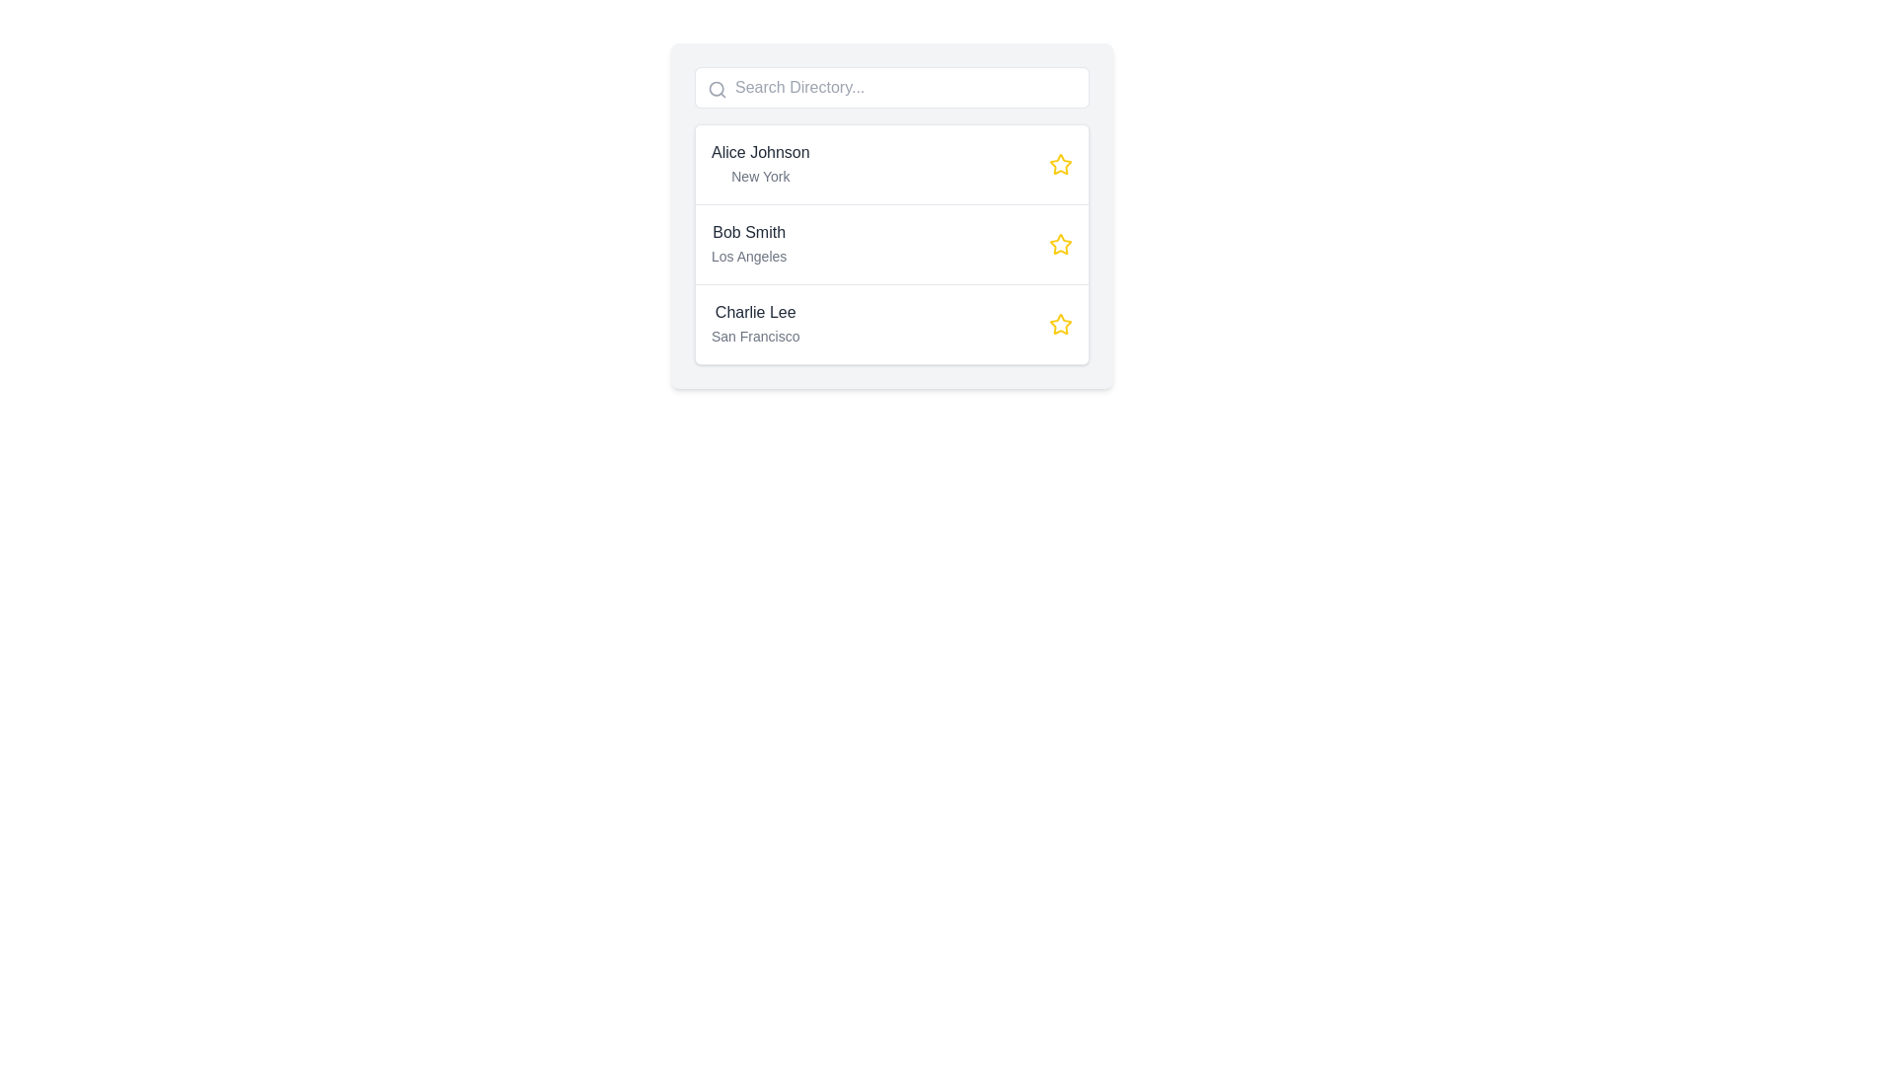  What do you see at coordinates (759, 175) in the screenshot?
I see `the text label displaying 'New York', which is styled in light gray and located below 'Alice Johnson' in the directory entry` at bounding box center [759, 175].